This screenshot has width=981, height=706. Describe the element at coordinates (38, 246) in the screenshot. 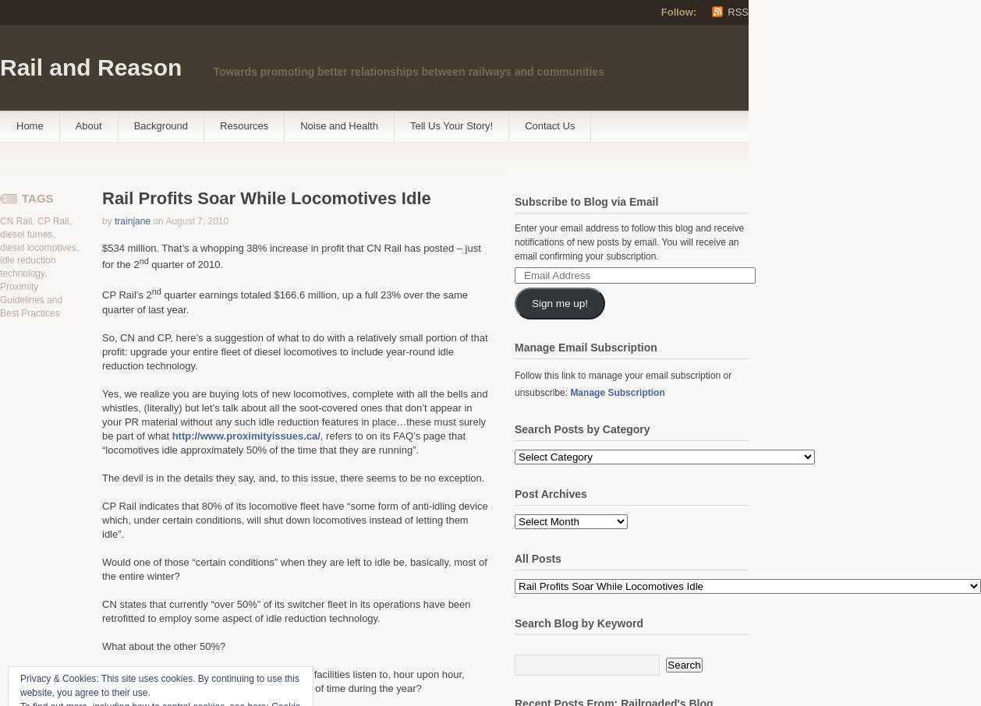

I see `'diesel locomotives'` at that location.